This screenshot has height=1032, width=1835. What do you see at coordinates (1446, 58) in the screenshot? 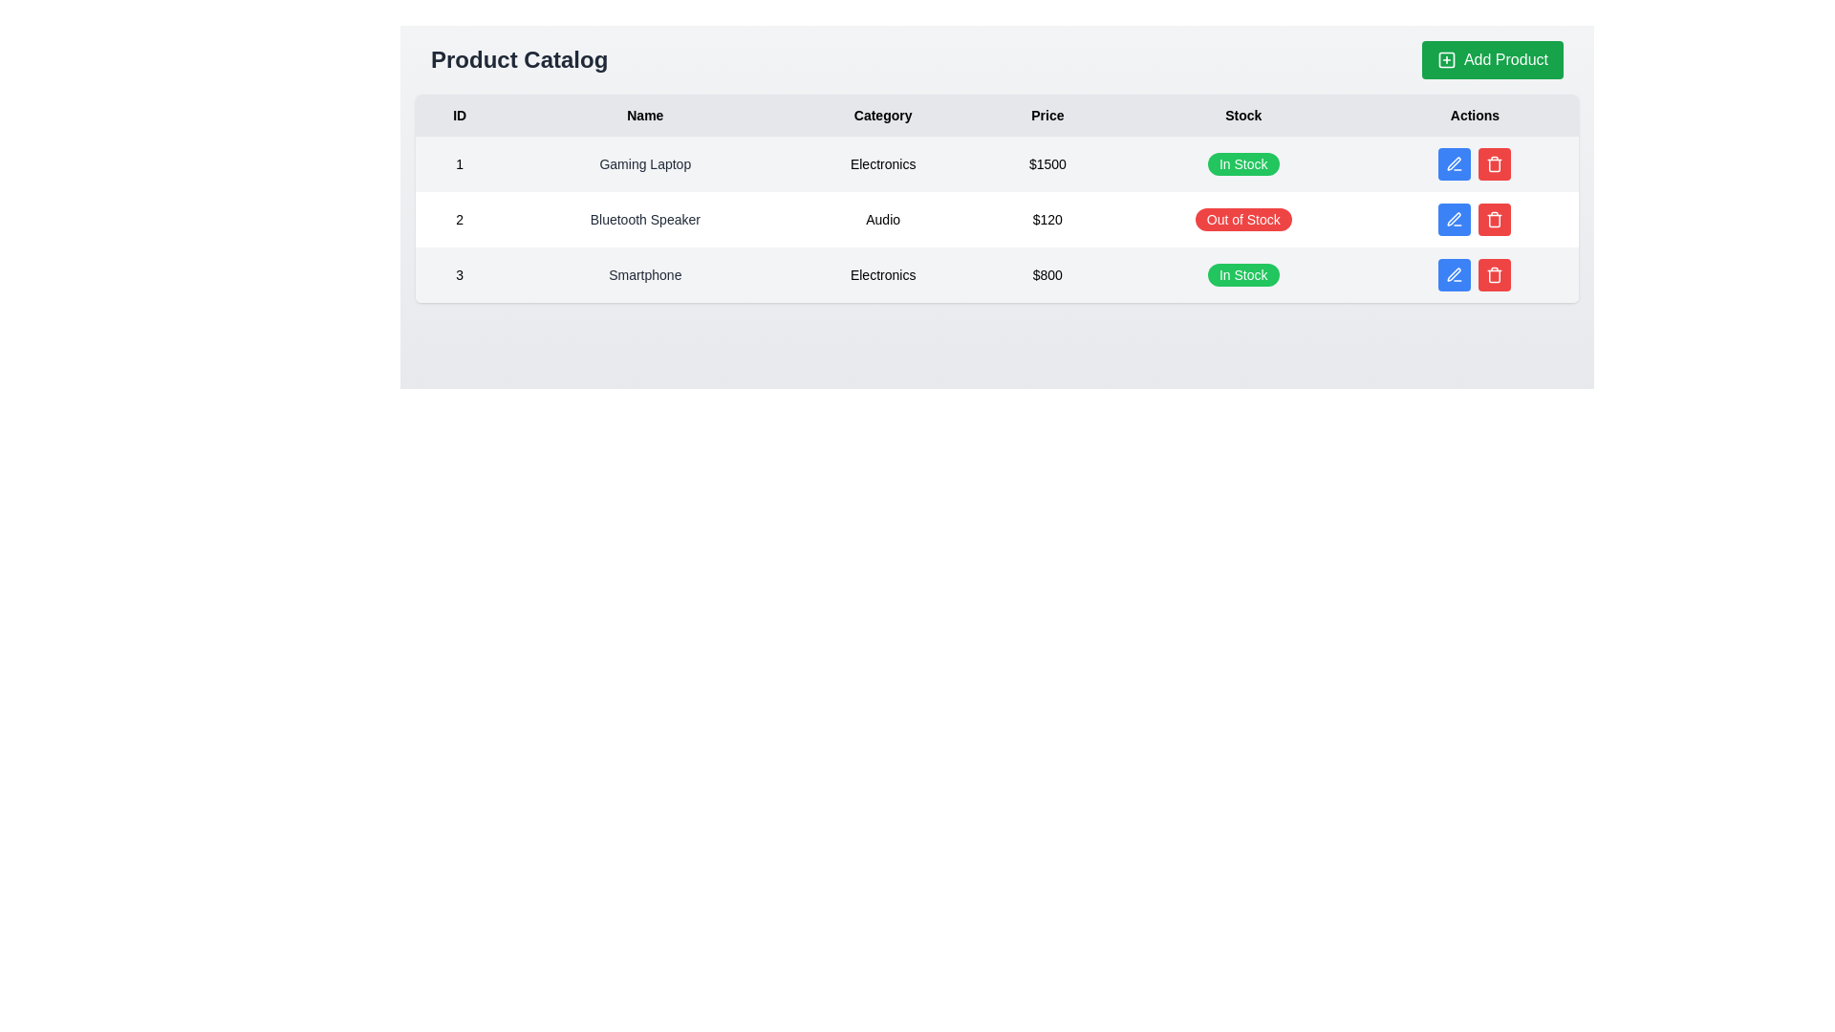
I see `the appearance of the decorative SVG component, which is a rounded-edge green square located inside the 'Add Product' button in the top-right corner of the interface` at bounding box center [1446, 58].